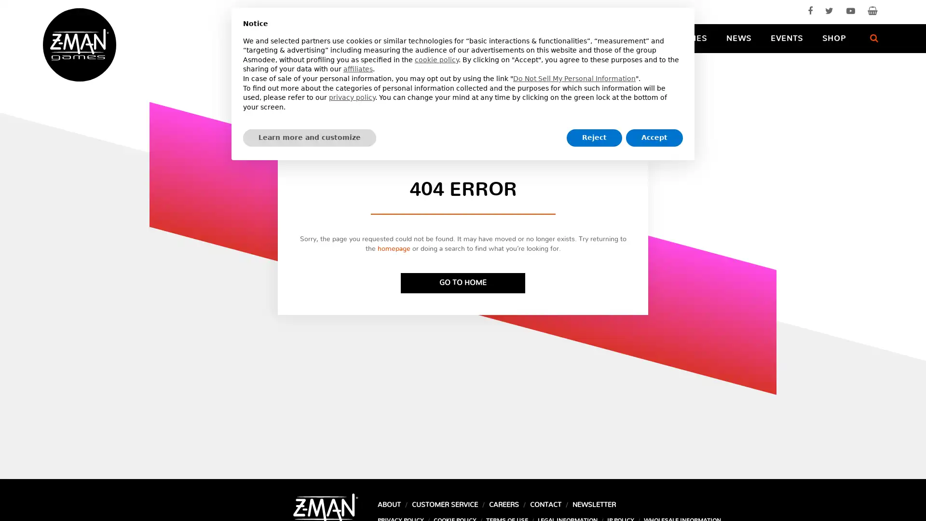  Describe the element at coordinates (310, 137) in the screenshot. I see `Learn more and customize` at that location.